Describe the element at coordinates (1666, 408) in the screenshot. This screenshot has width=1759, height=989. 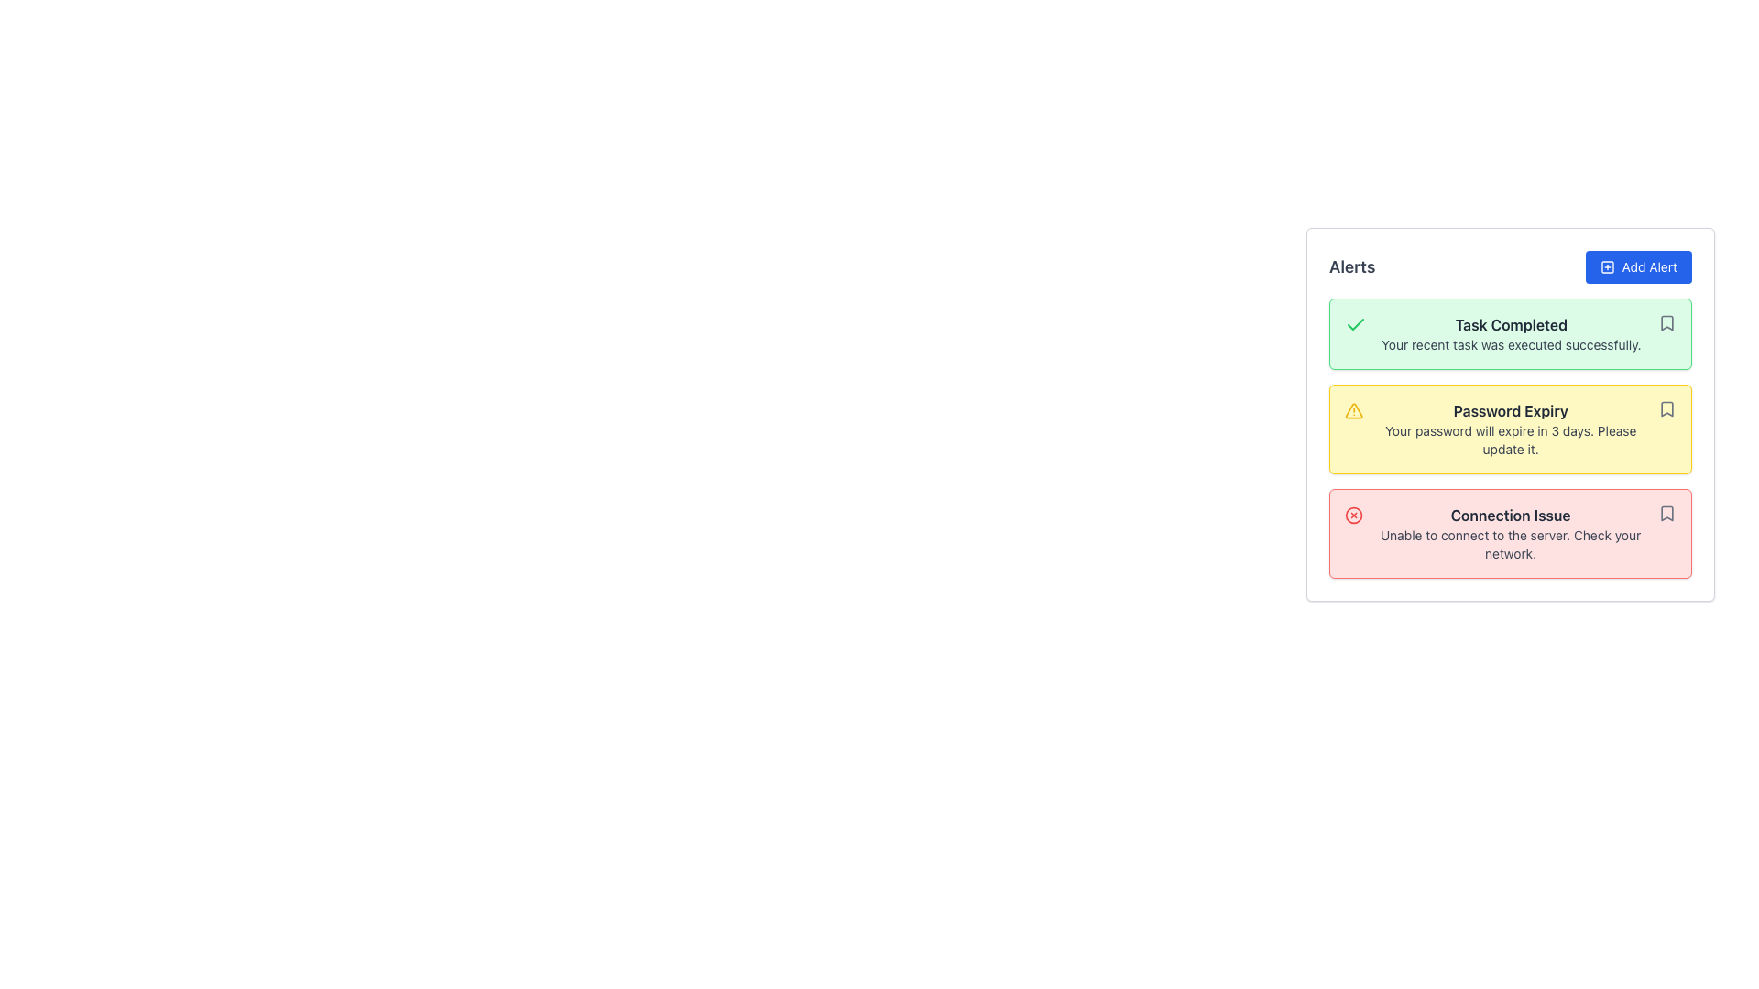
I see `the small bookmark-like icon located on the right side of the 'Password Expiry' notification box` at that location.